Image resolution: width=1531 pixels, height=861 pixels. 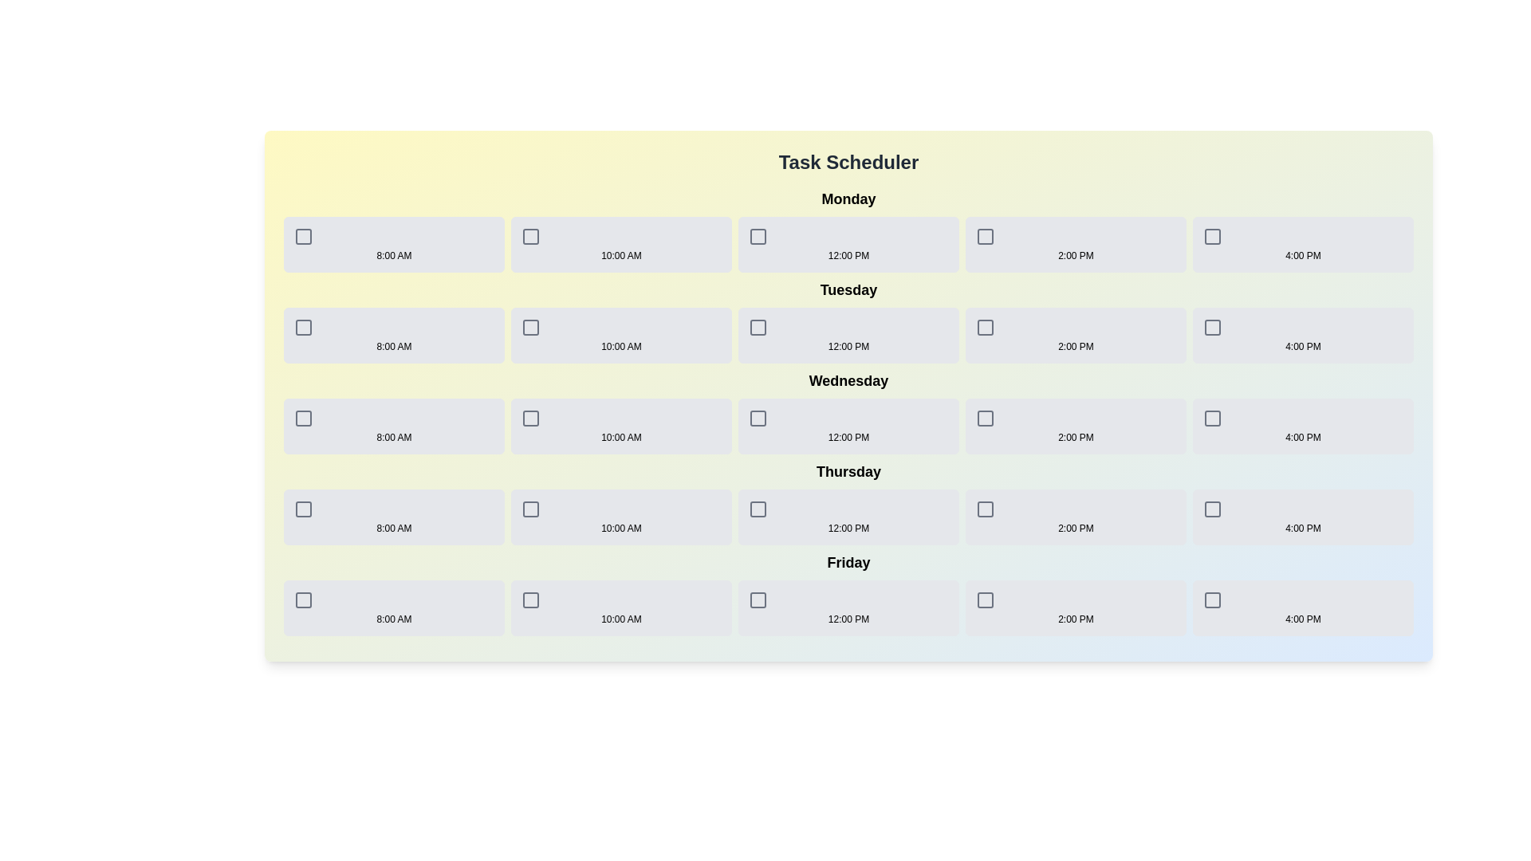 I want to click on the timeslot for Monday at 8:00 AM, so click(x=394, y=245).